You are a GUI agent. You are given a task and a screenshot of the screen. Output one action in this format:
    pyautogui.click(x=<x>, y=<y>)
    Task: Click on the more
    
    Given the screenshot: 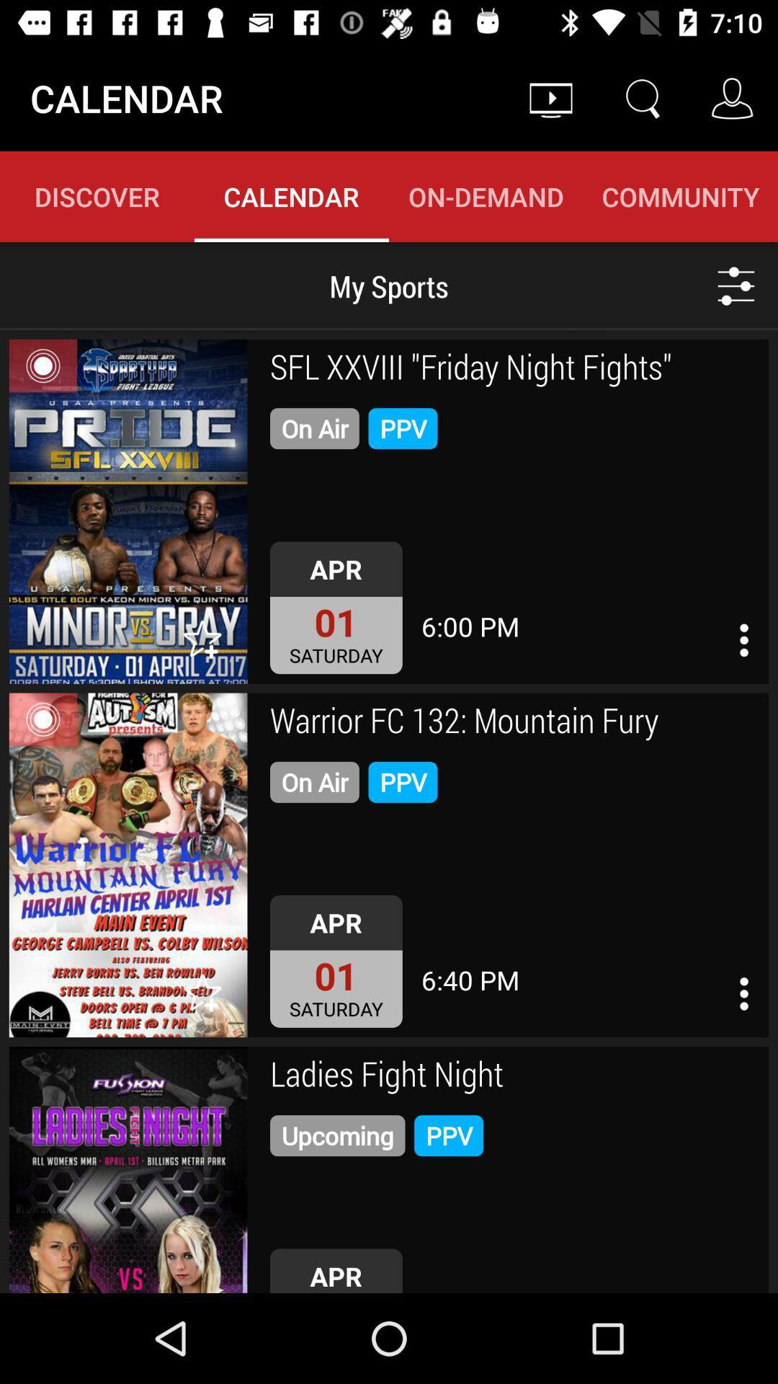 What is the action you would take?
    pyautogui.click(x=736, y=285)
    